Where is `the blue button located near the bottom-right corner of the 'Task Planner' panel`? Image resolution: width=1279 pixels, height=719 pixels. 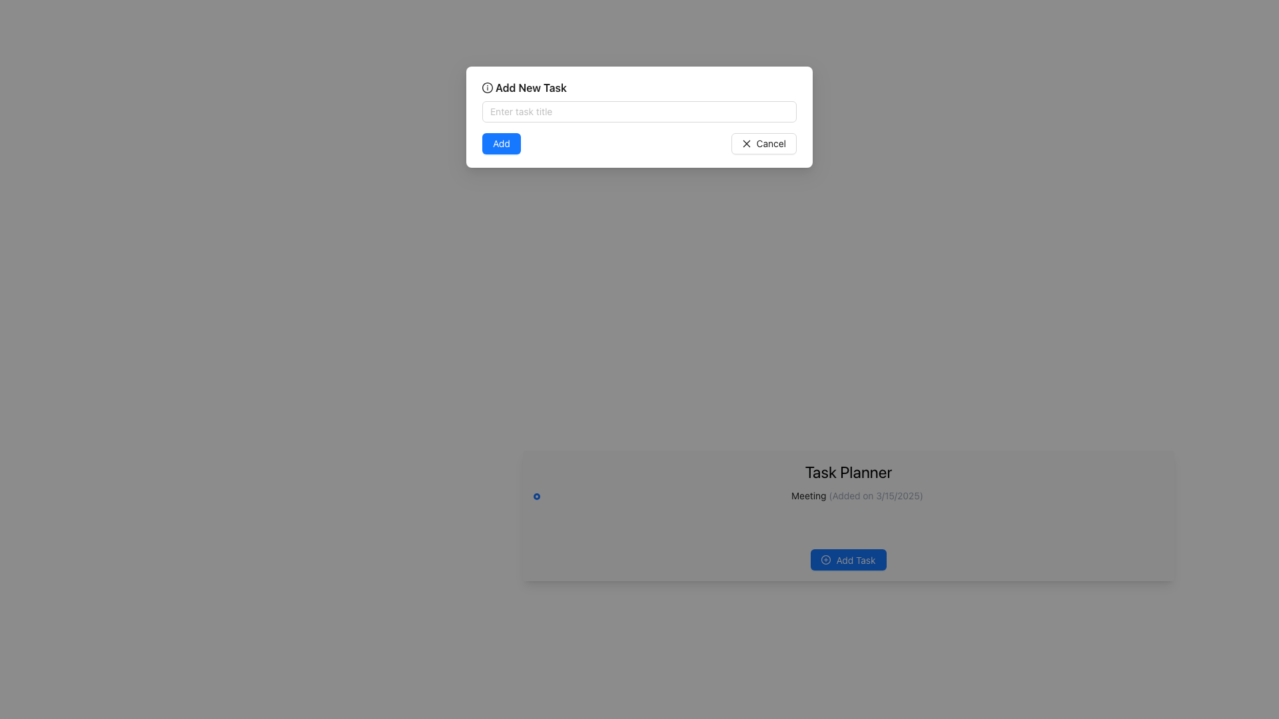
the blue button located near the bottom-right corner of the 'Task Planner' panel is located at coordinates (847, 559).